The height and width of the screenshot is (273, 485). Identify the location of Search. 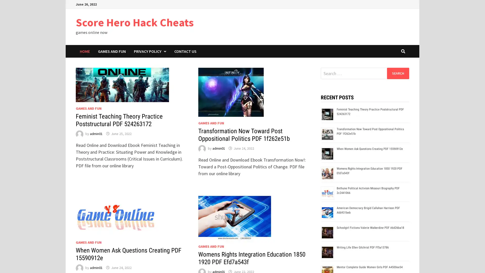
(398, 73).